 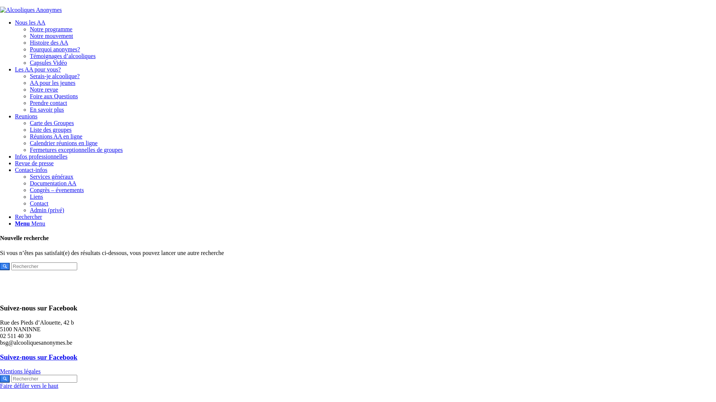 I want to click on 'Reunions', so click(x=15, y=116).